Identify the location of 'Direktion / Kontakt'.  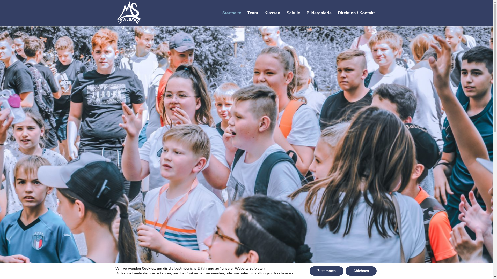
(356, 13).